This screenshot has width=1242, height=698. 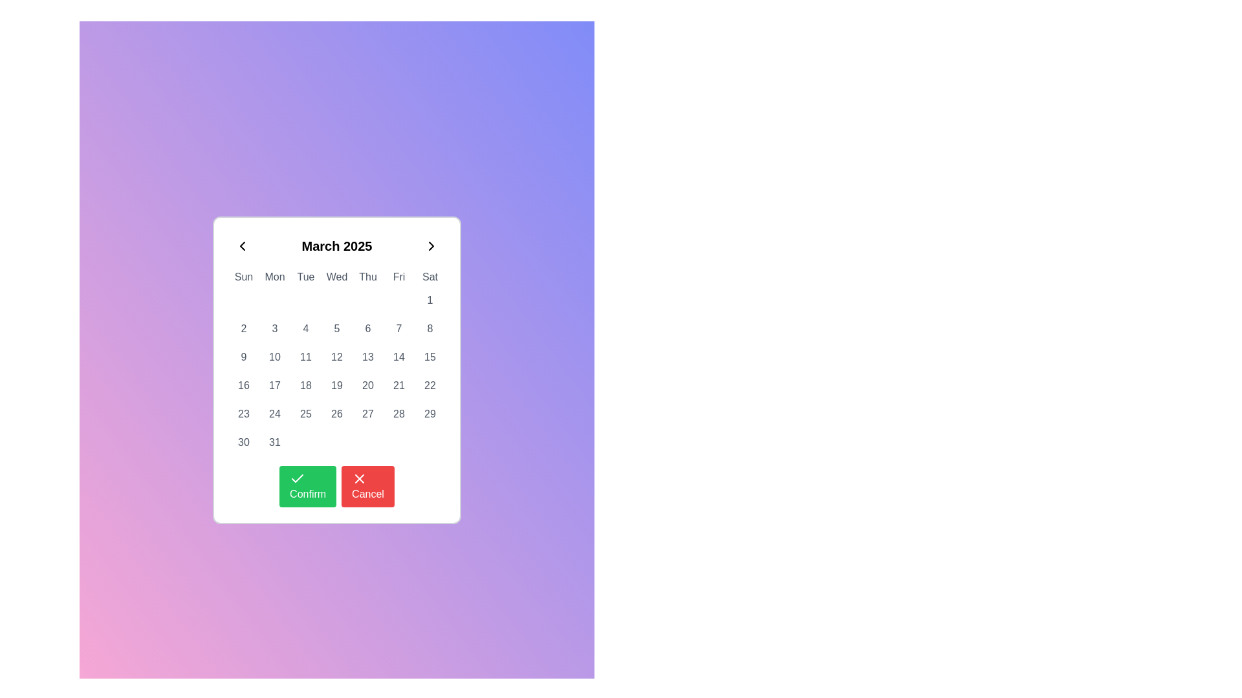 I want to click on the date button labeled '20' in the calendar view, so click(x=367, y=385).